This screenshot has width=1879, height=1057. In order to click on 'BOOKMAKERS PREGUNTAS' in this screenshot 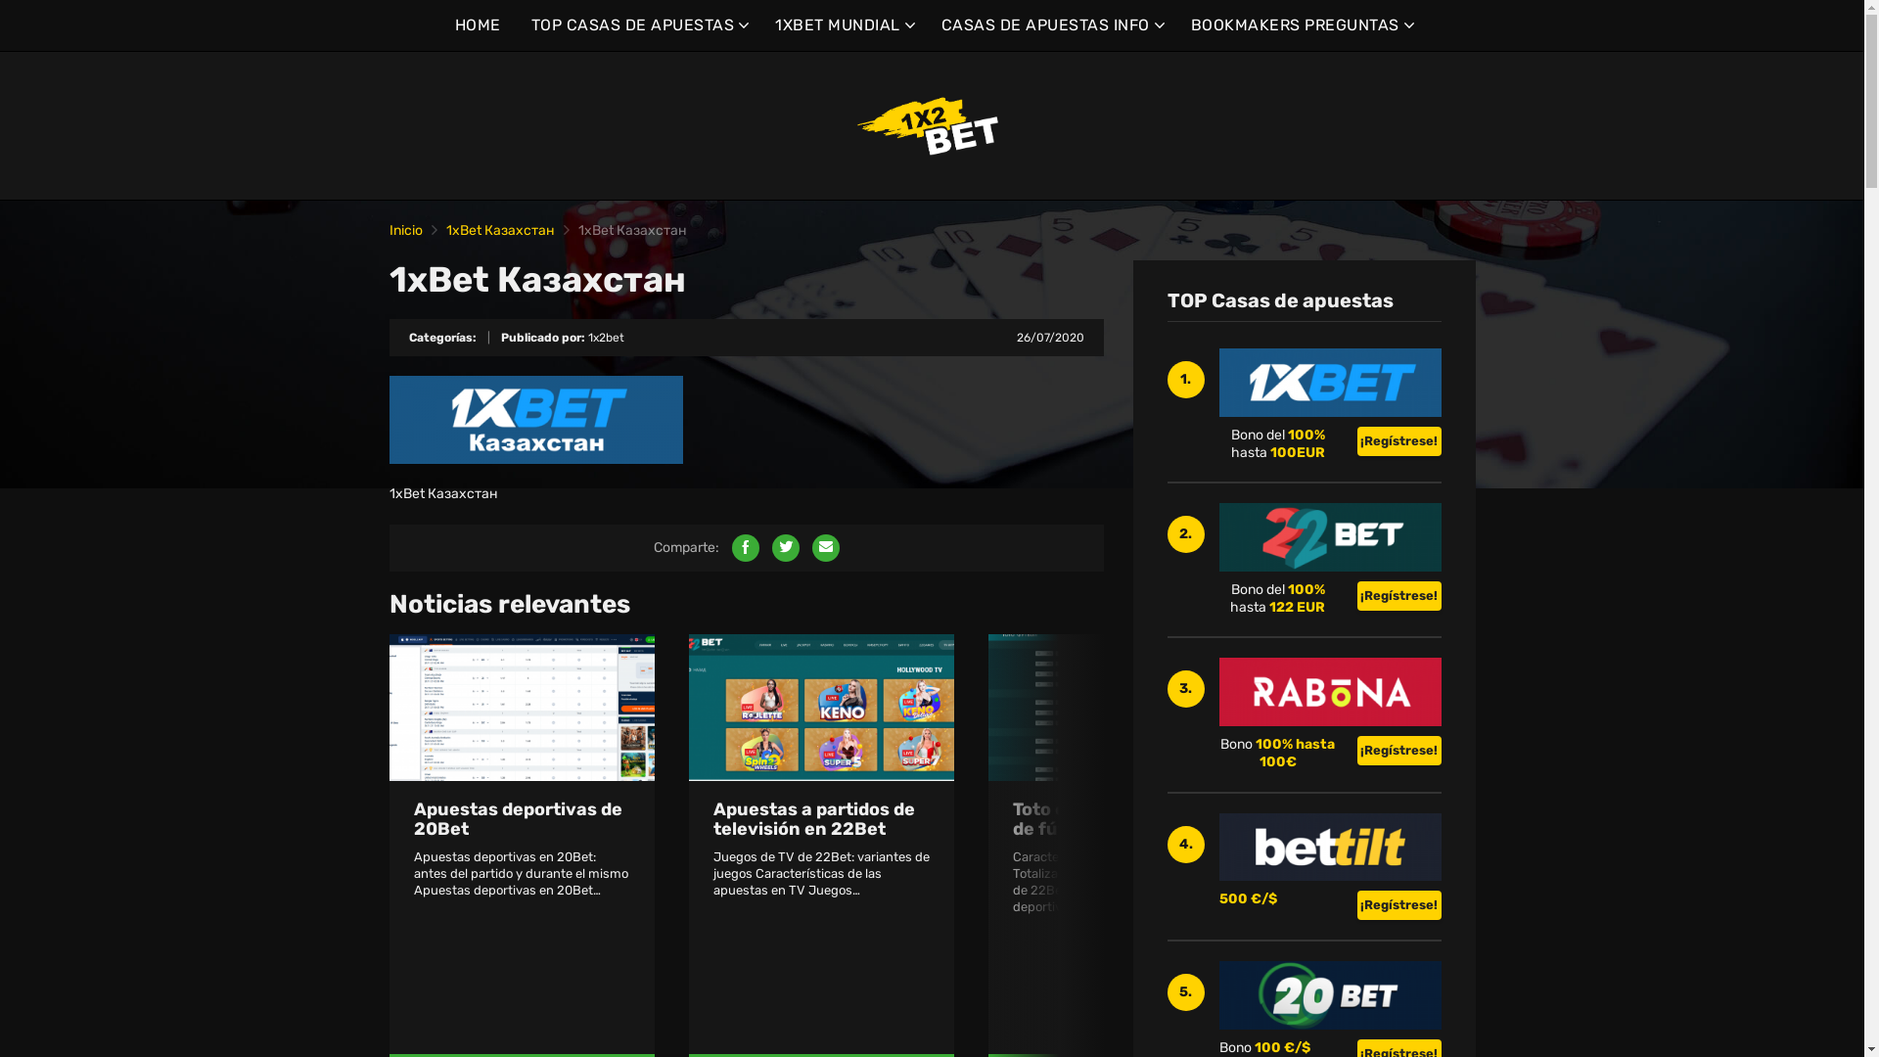, I will do `click(1300, 25)`.